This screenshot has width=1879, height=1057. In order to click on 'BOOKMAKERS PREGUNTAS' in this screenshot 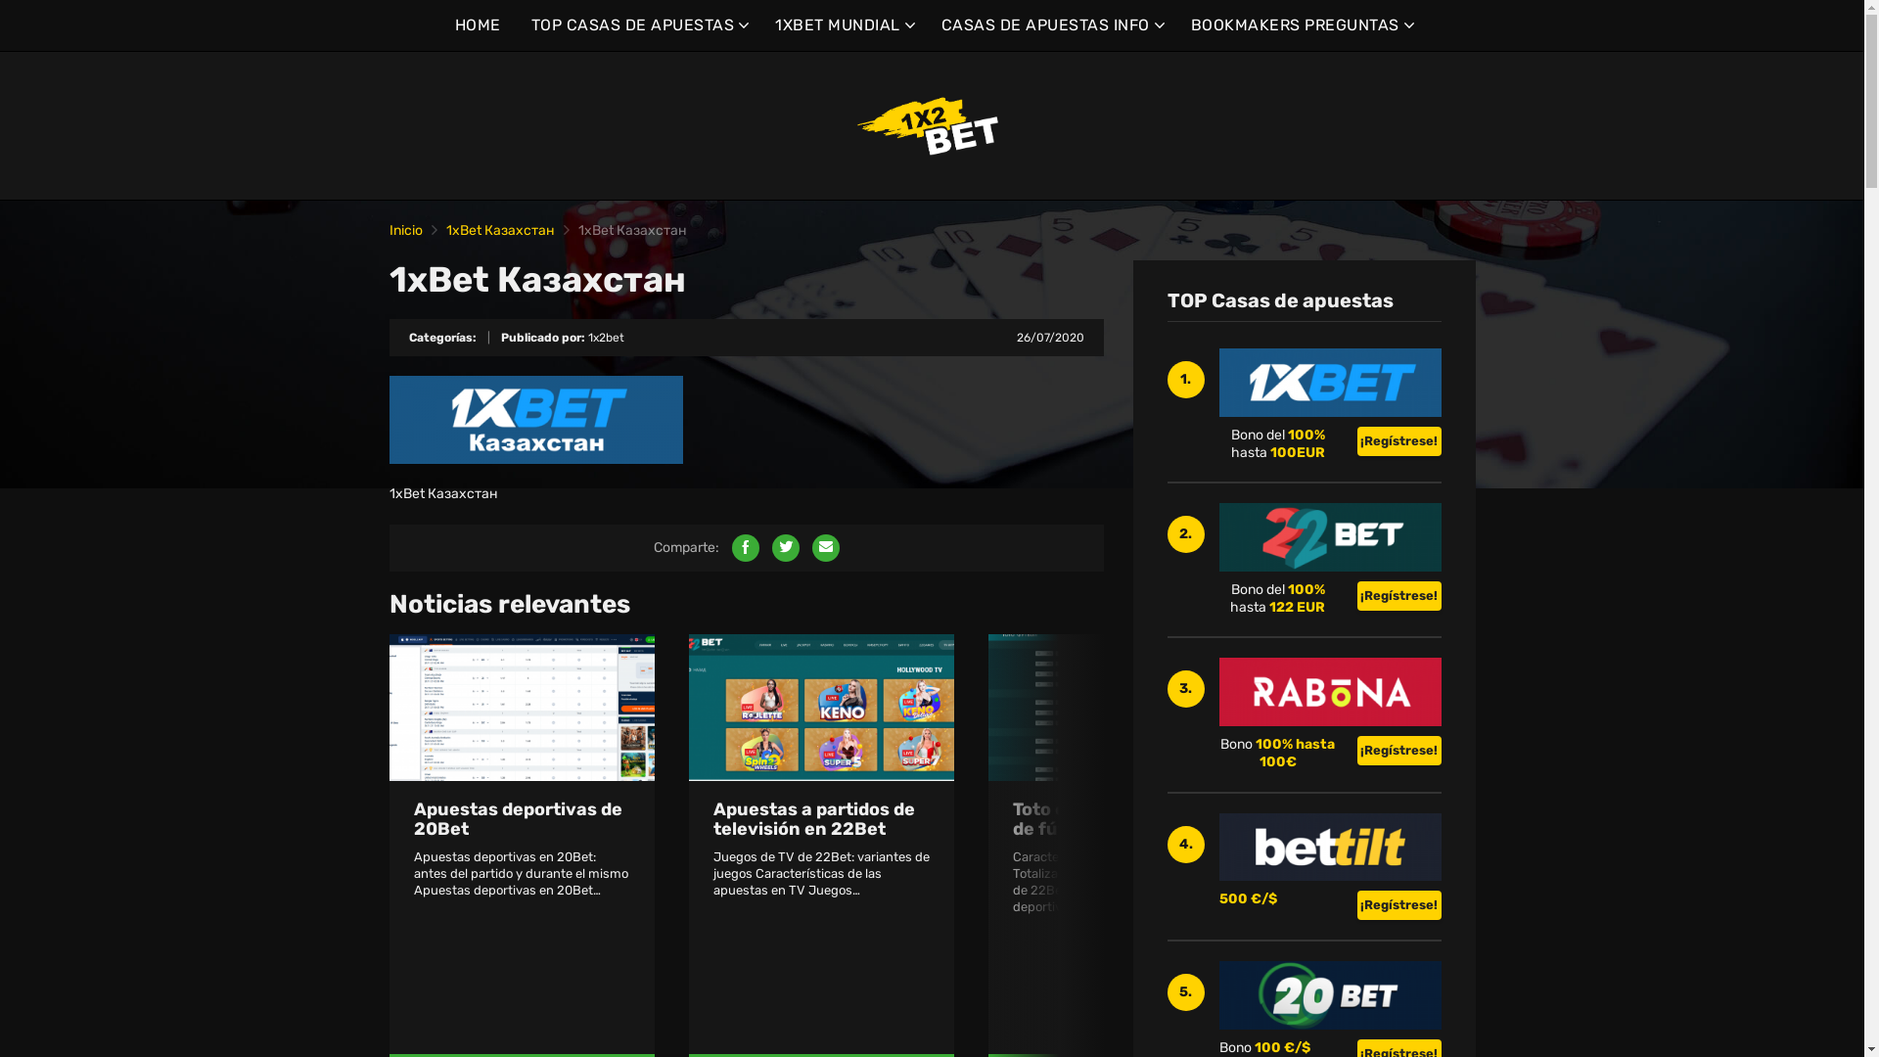, I will do `click(1300, 25)`.